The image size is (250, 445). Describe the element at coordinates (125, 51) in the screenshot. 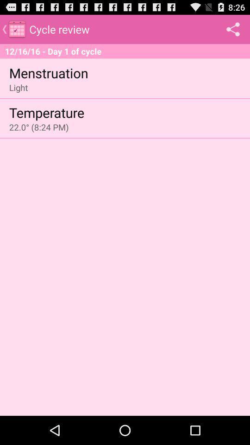

I see `the 12 16 16 icon` at that location.